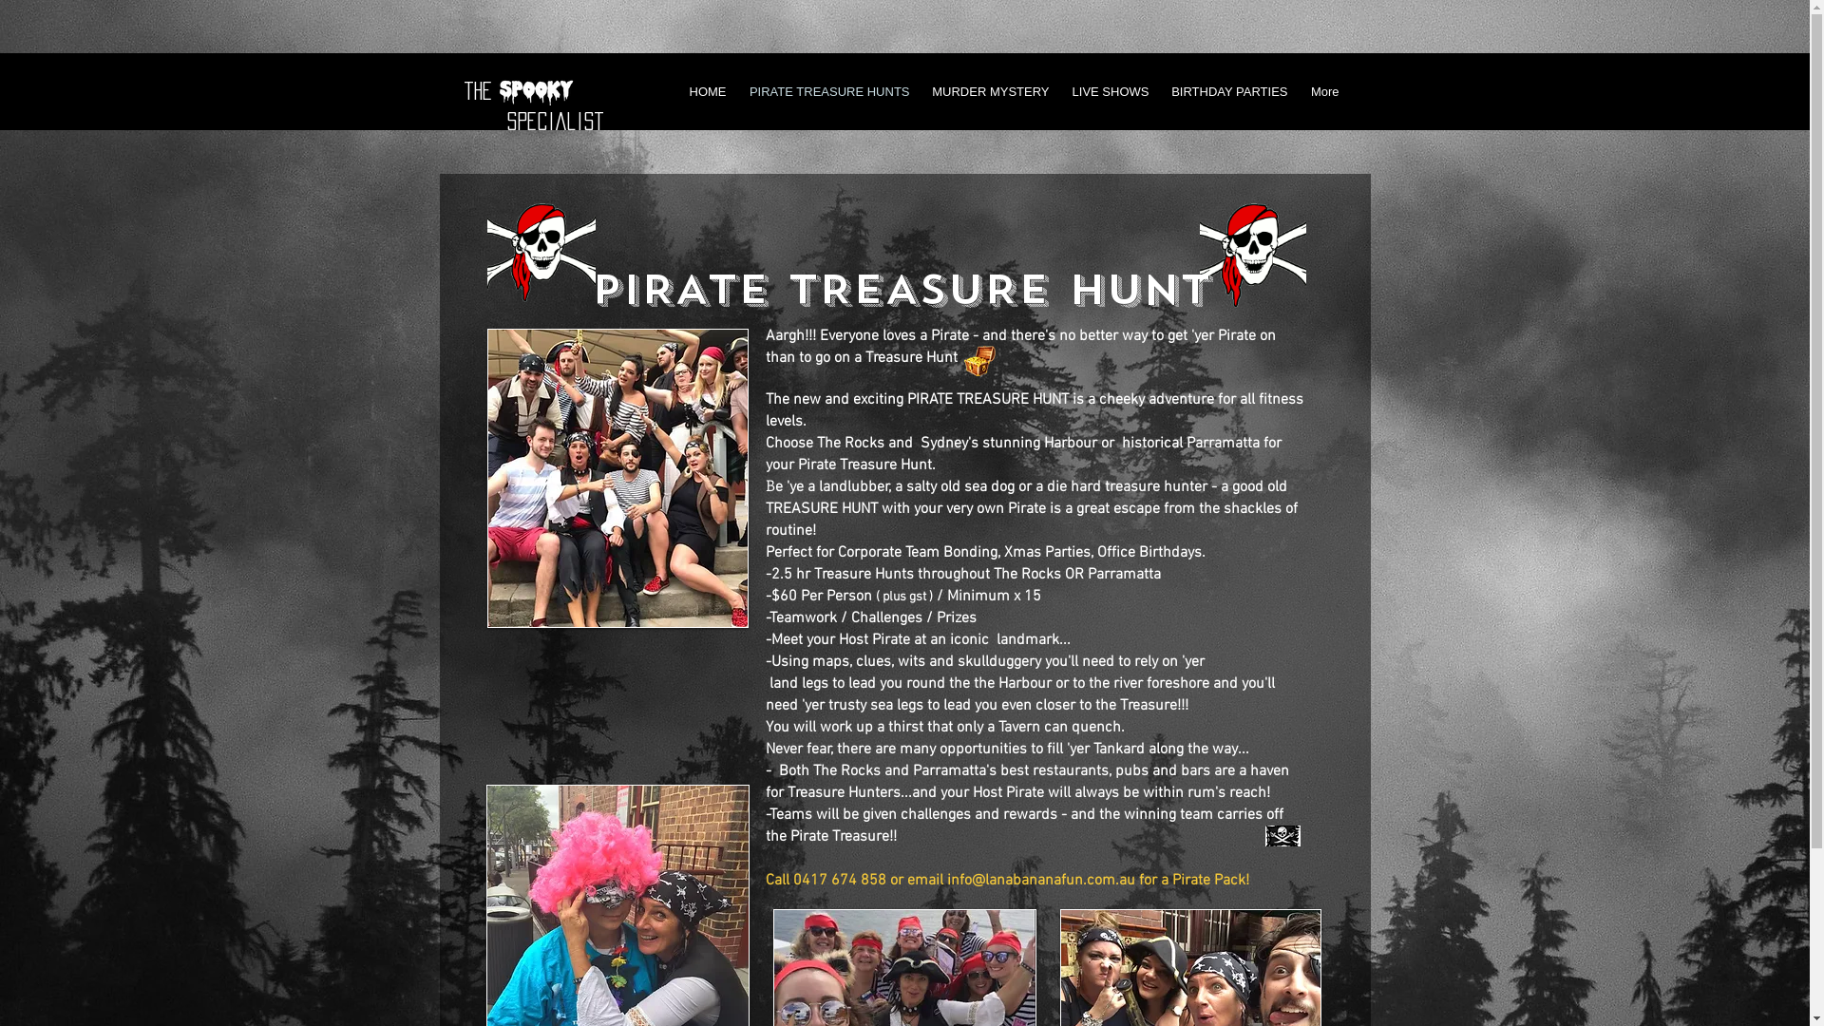 This screenshot has width=1824, height=1026. What do you see at coordinates (705, 91) in the screenshot?
I see `'HOME'` at bounding box center [705, 91].